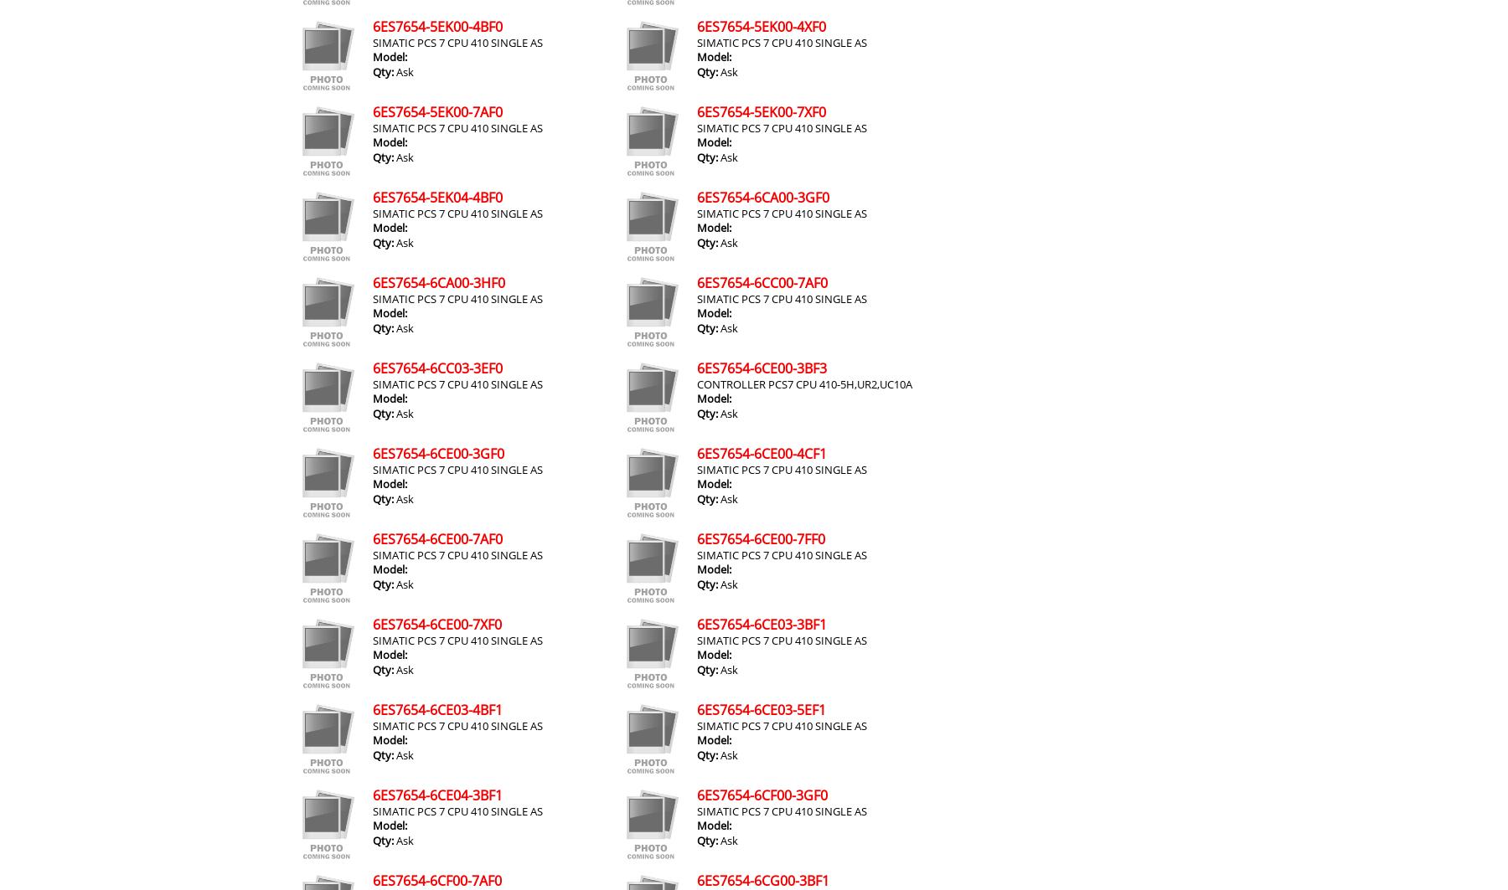  Describe the element at coordinates (762, 197) in the screenshot. I see `'6ES7654-6CA00-3GF0'` at that location.